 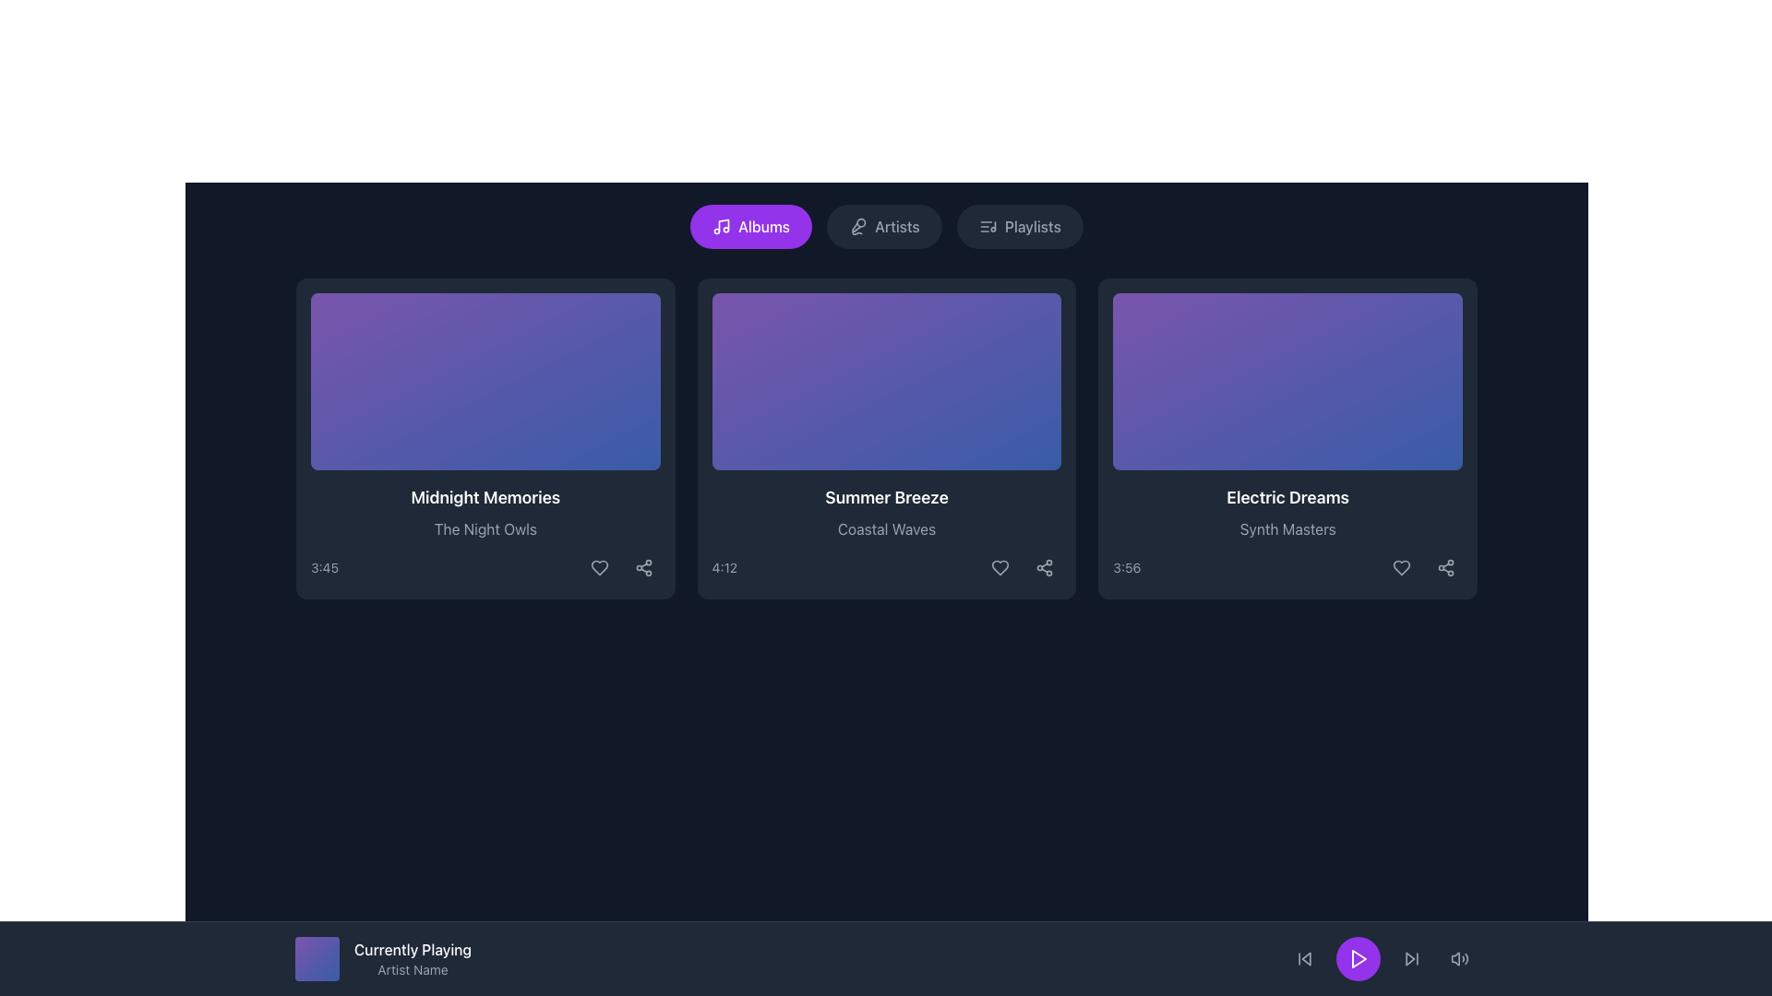 I want to click on the non-interactive label indicating that the audio or media content is actively playing, located on the footer bar above the 'Artist Name' text, so click(x=412, y=949).